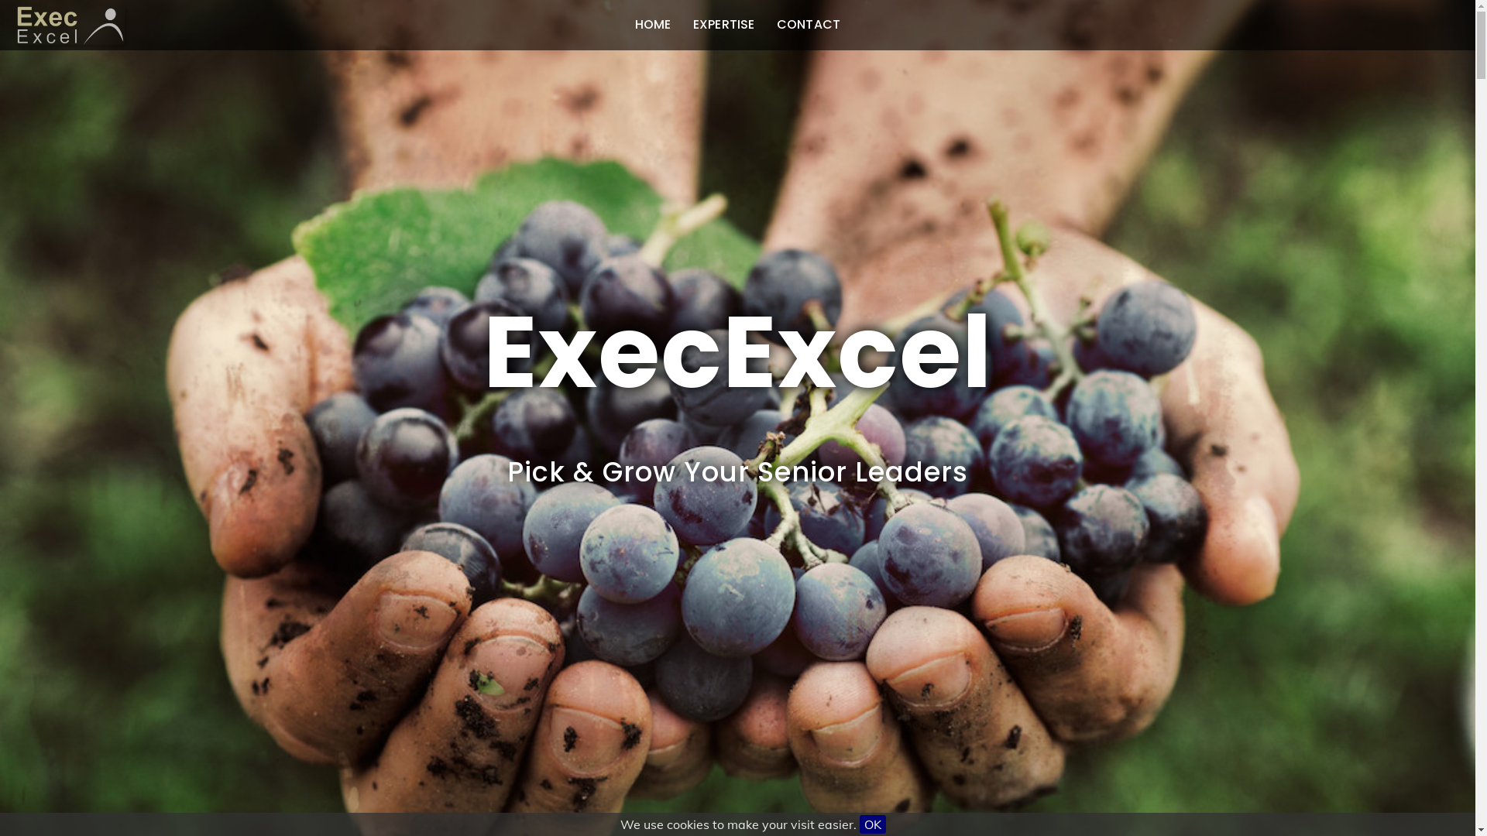  What do you see at coordinates (777, 25) in the screenshot?
I see `'CONTACT'` at bounding box center [777, 25].